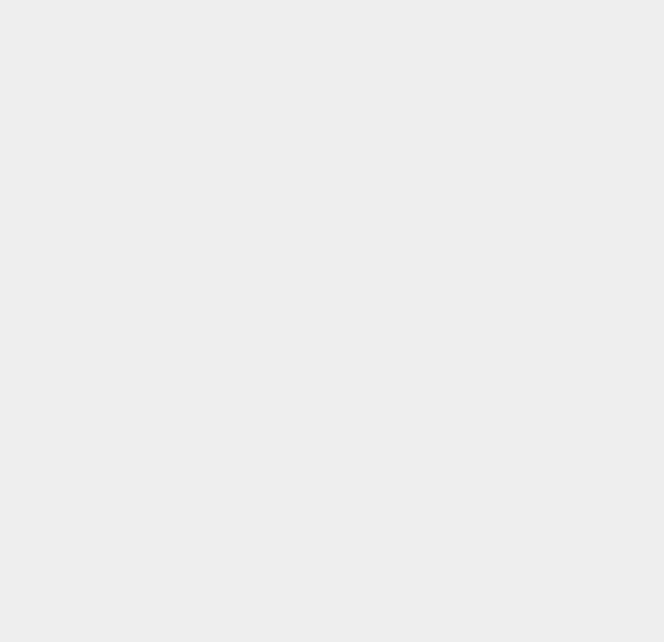  I want to click on 'Electra', so click(482, 262).